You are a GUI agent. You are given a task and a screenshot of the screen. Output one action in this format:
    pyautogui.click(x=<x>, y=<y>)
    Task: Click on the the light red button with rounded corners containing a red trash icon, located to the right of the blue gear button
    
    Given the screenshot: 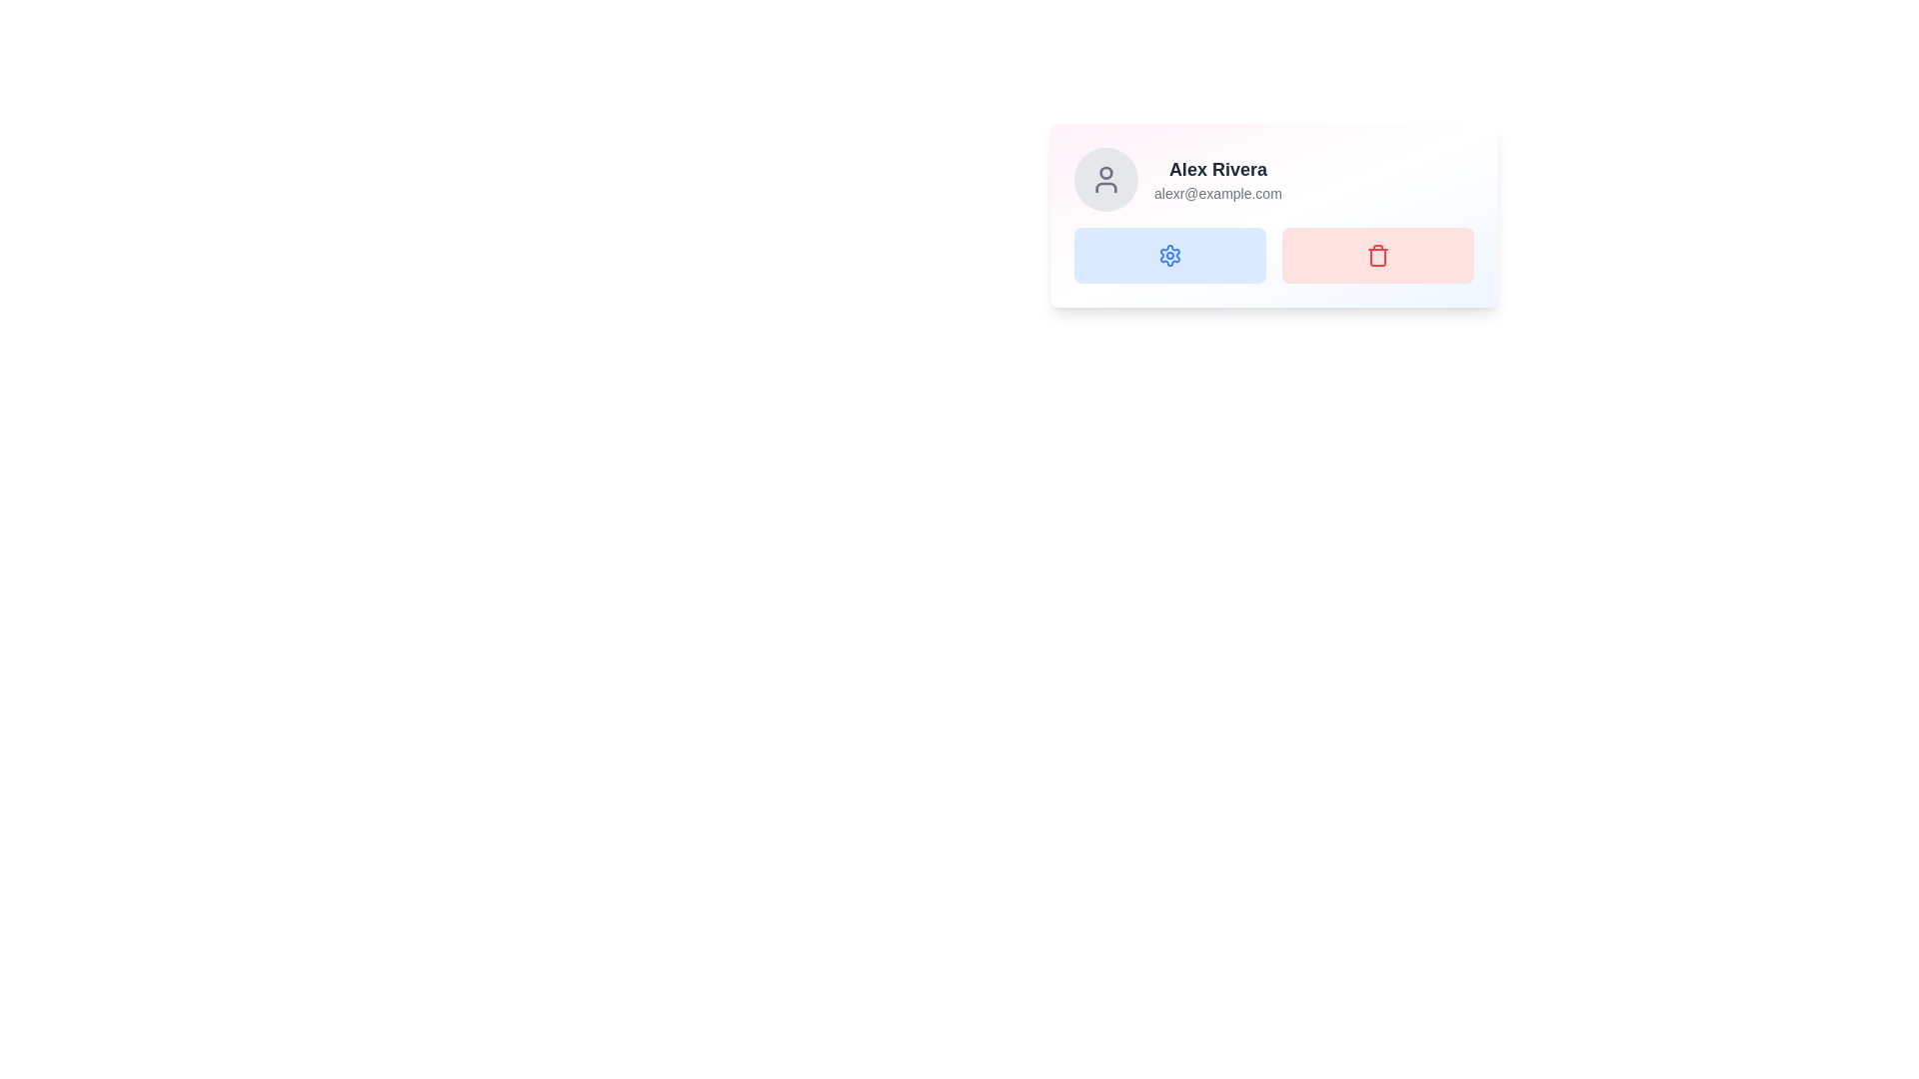 What is the action you would take?
    pyautogui.click(x=1376, y=254)
    